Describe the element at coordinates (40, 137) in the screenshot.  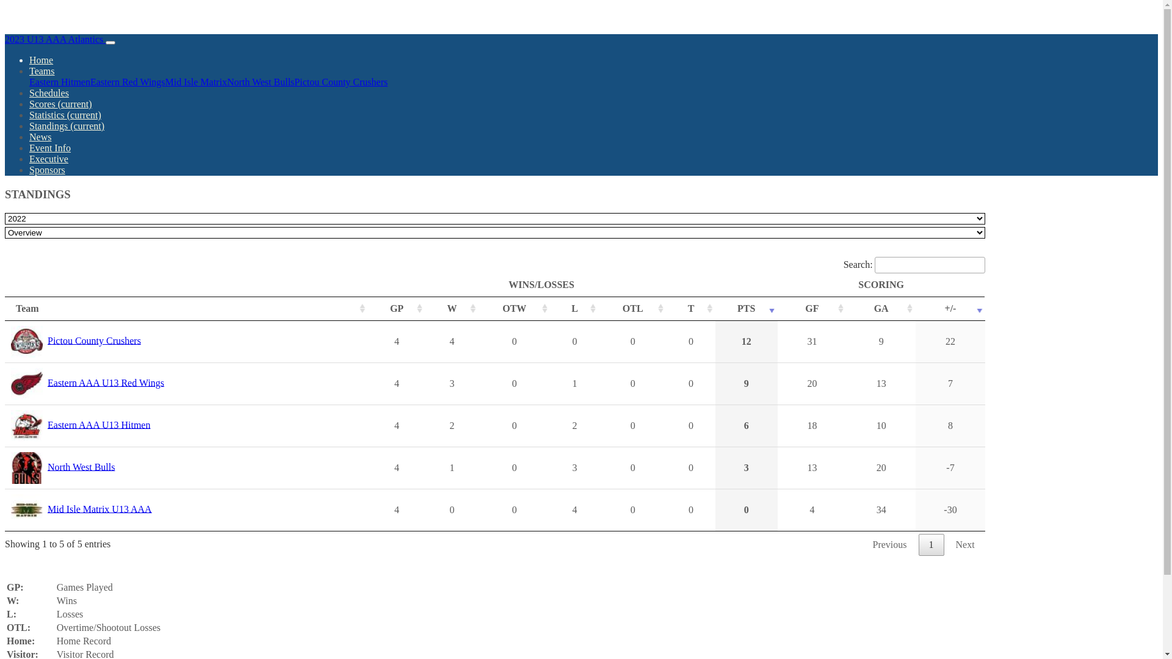
I see `'News'` at that location.